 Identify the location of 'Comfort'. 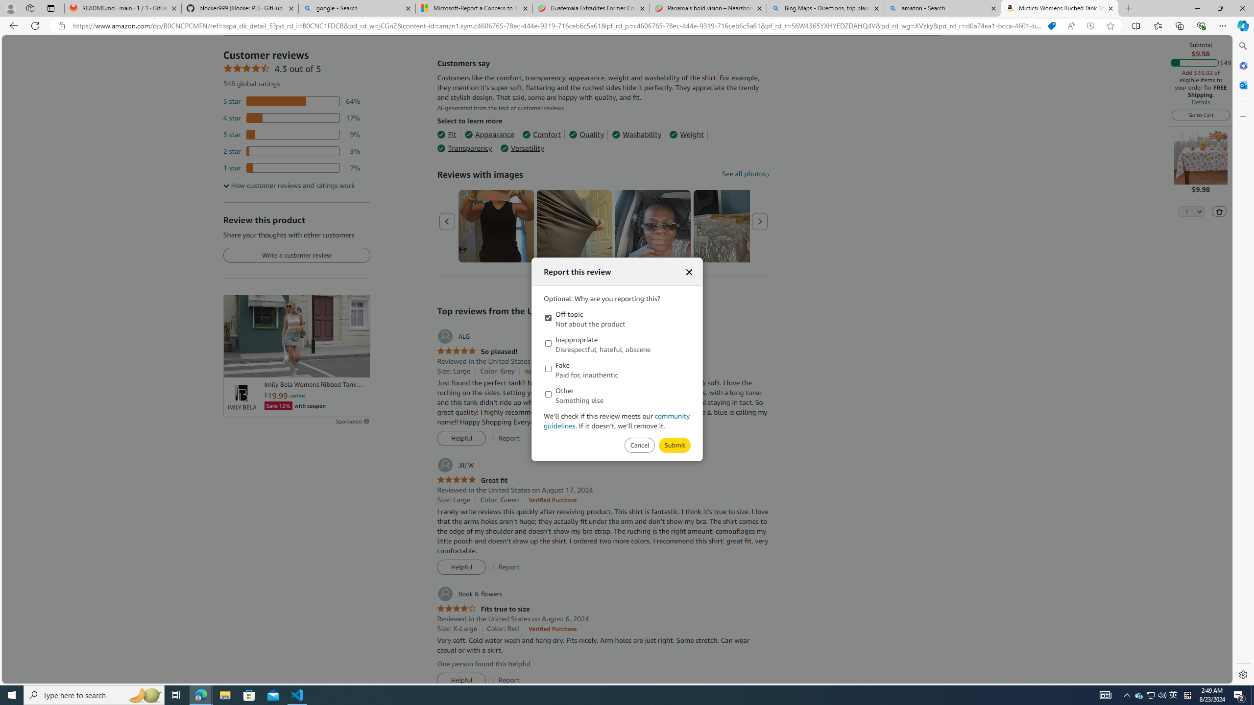
(541, 135).